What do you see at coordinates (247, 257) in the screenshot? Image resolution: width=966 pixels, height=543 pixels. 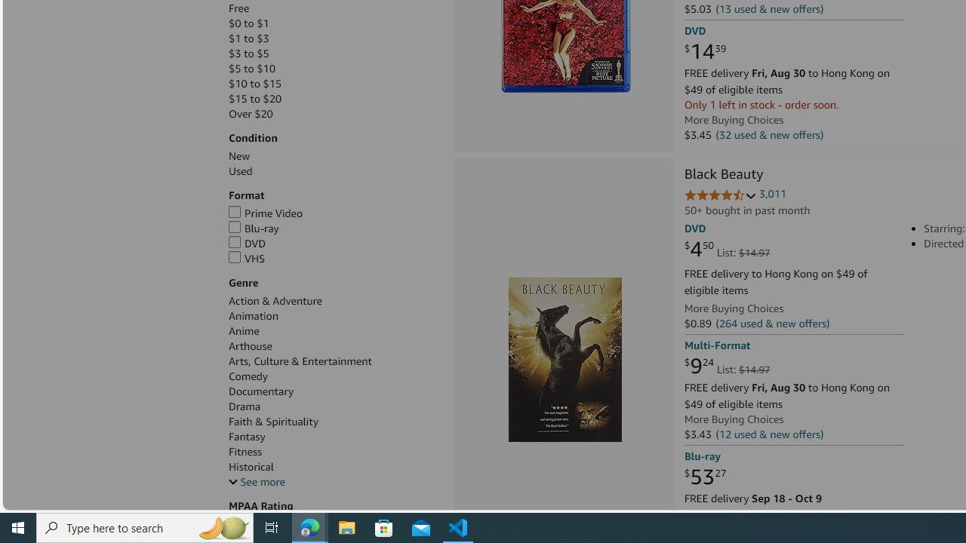 I see `'VHS'` at bounding box center [247, 257].